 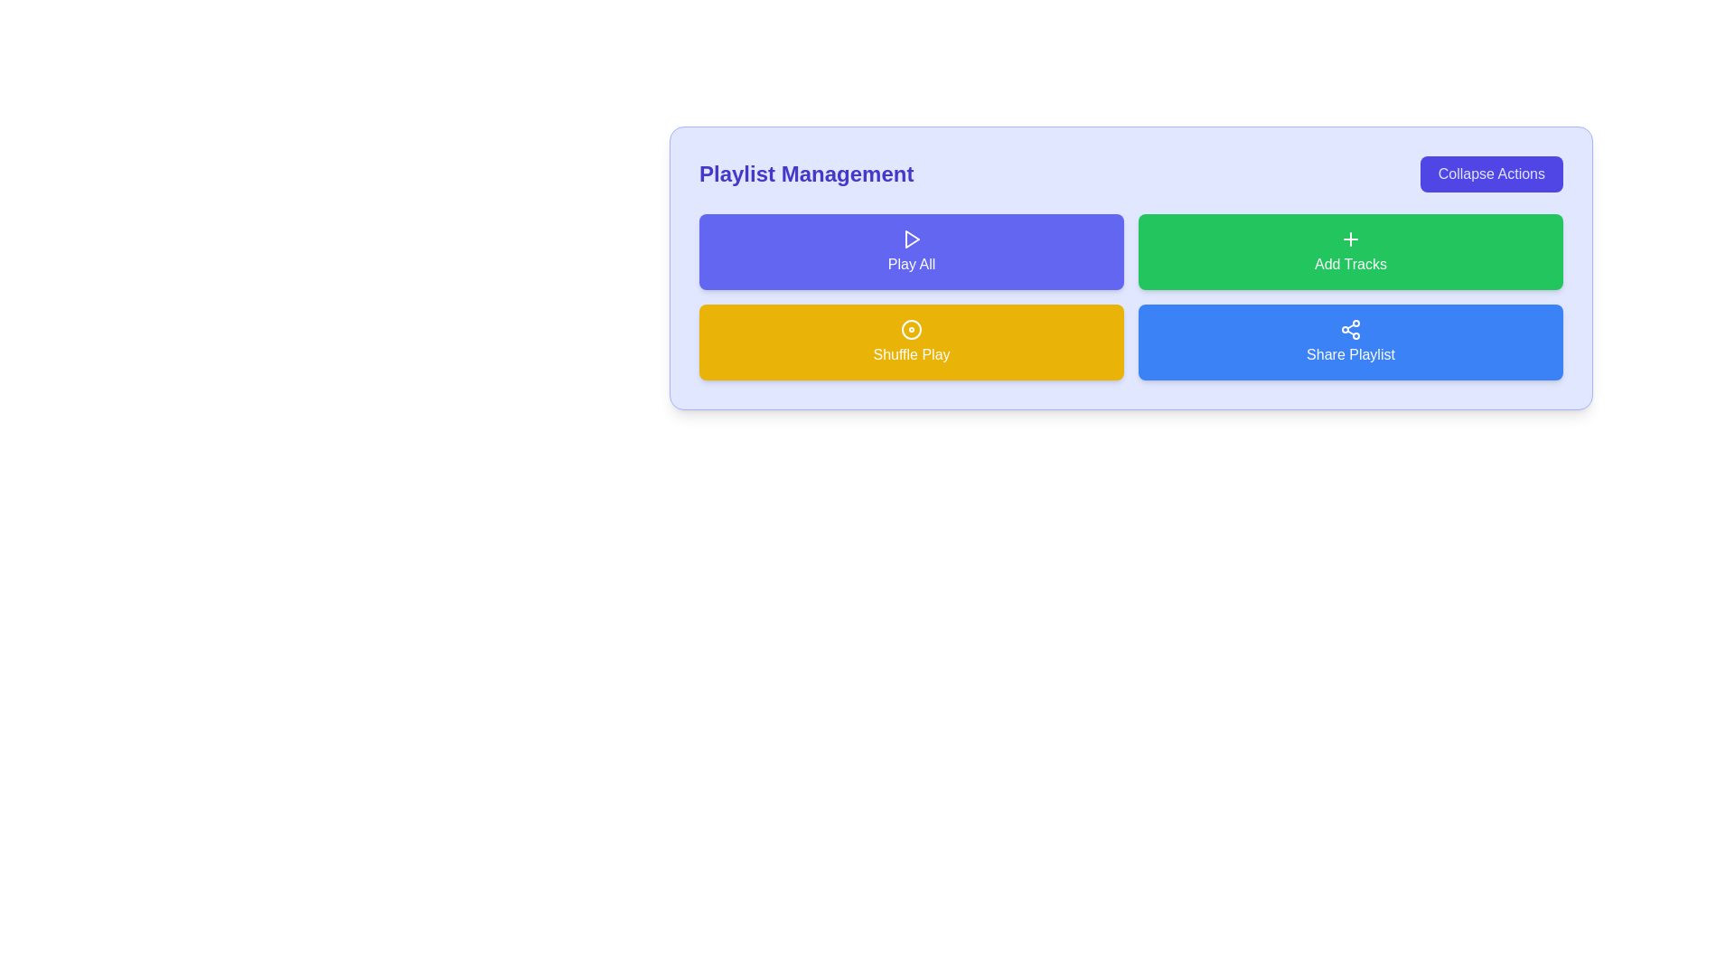 I want to click on the green 'Add Tracks' button, which is the second button in the top row of the grid, located to the right of the 'Play All' button and above the 'Share Playlist' button, so click(x=1350, y=251).